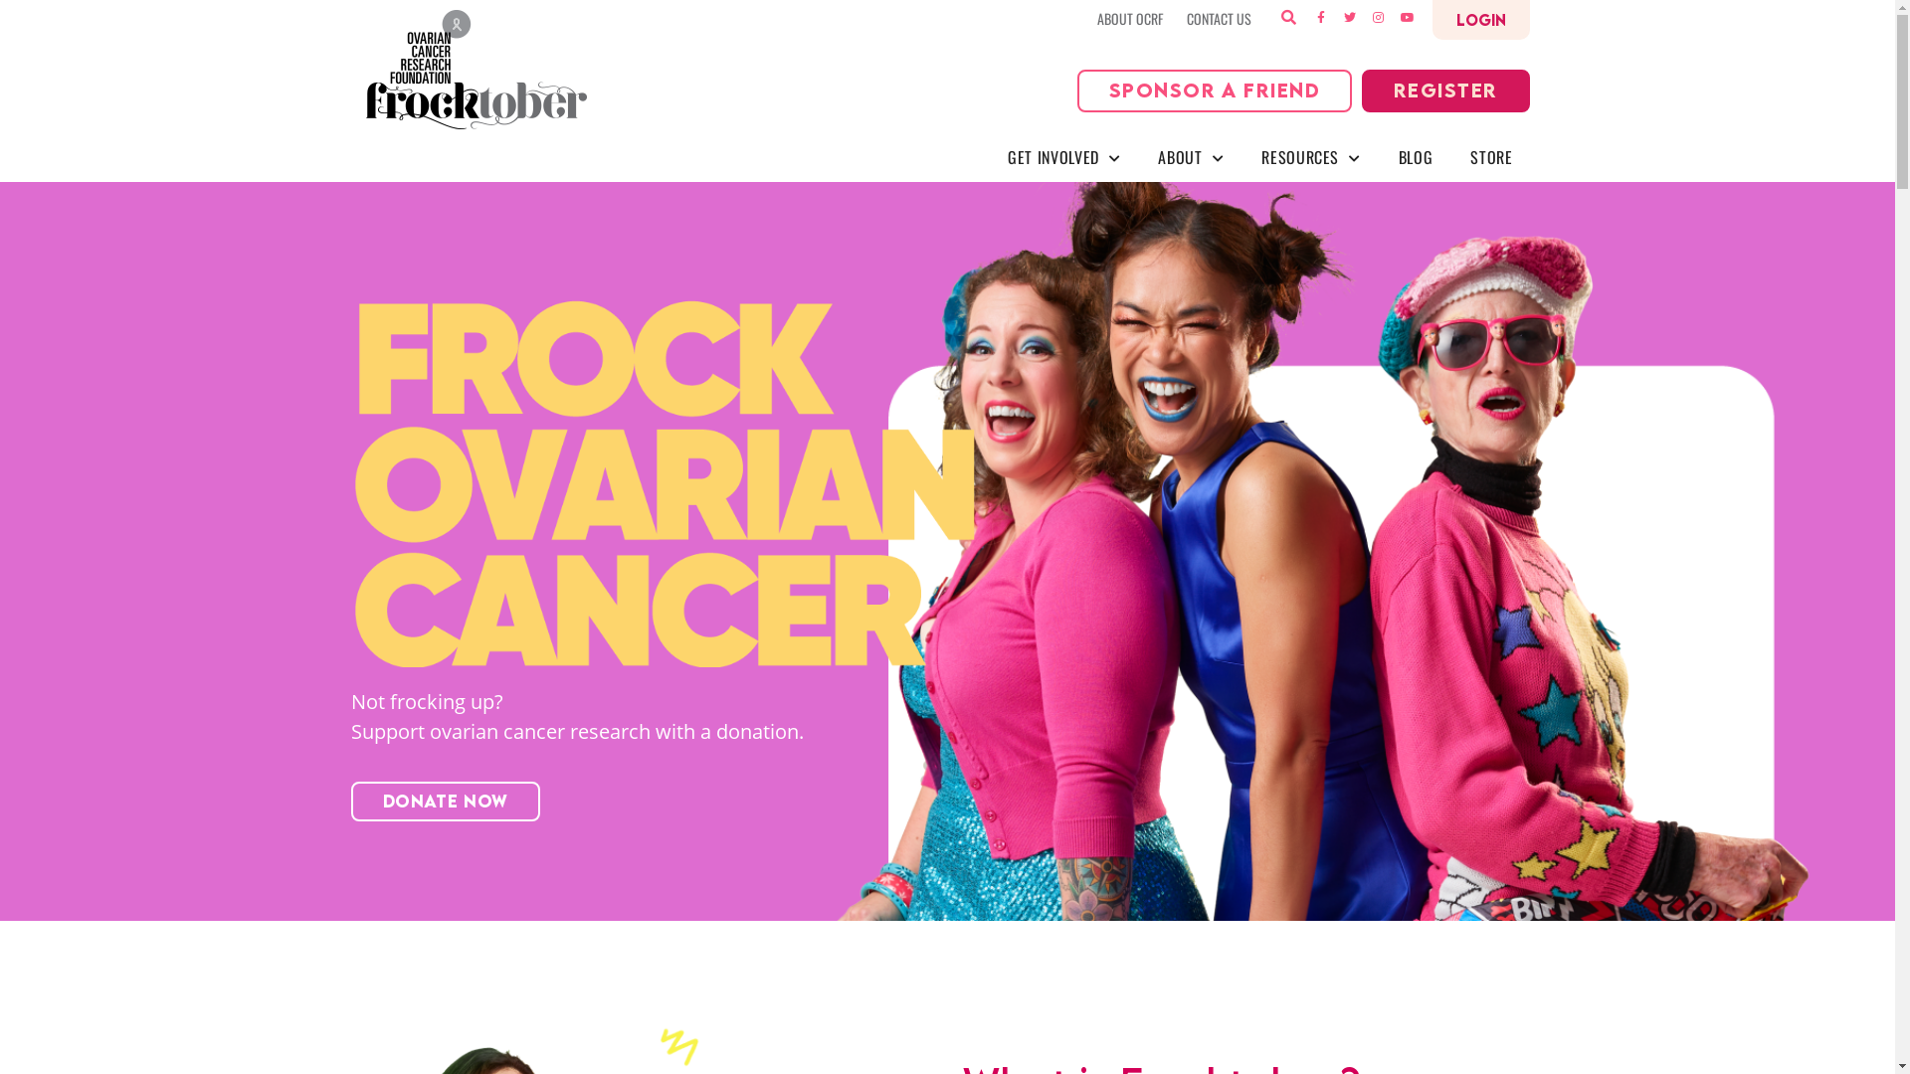 The width and height of the screenshot is (1910, 1074). Describe the element at coordinates (1190, 156) in the screenshot. I see `'ABOUT'` at that location.